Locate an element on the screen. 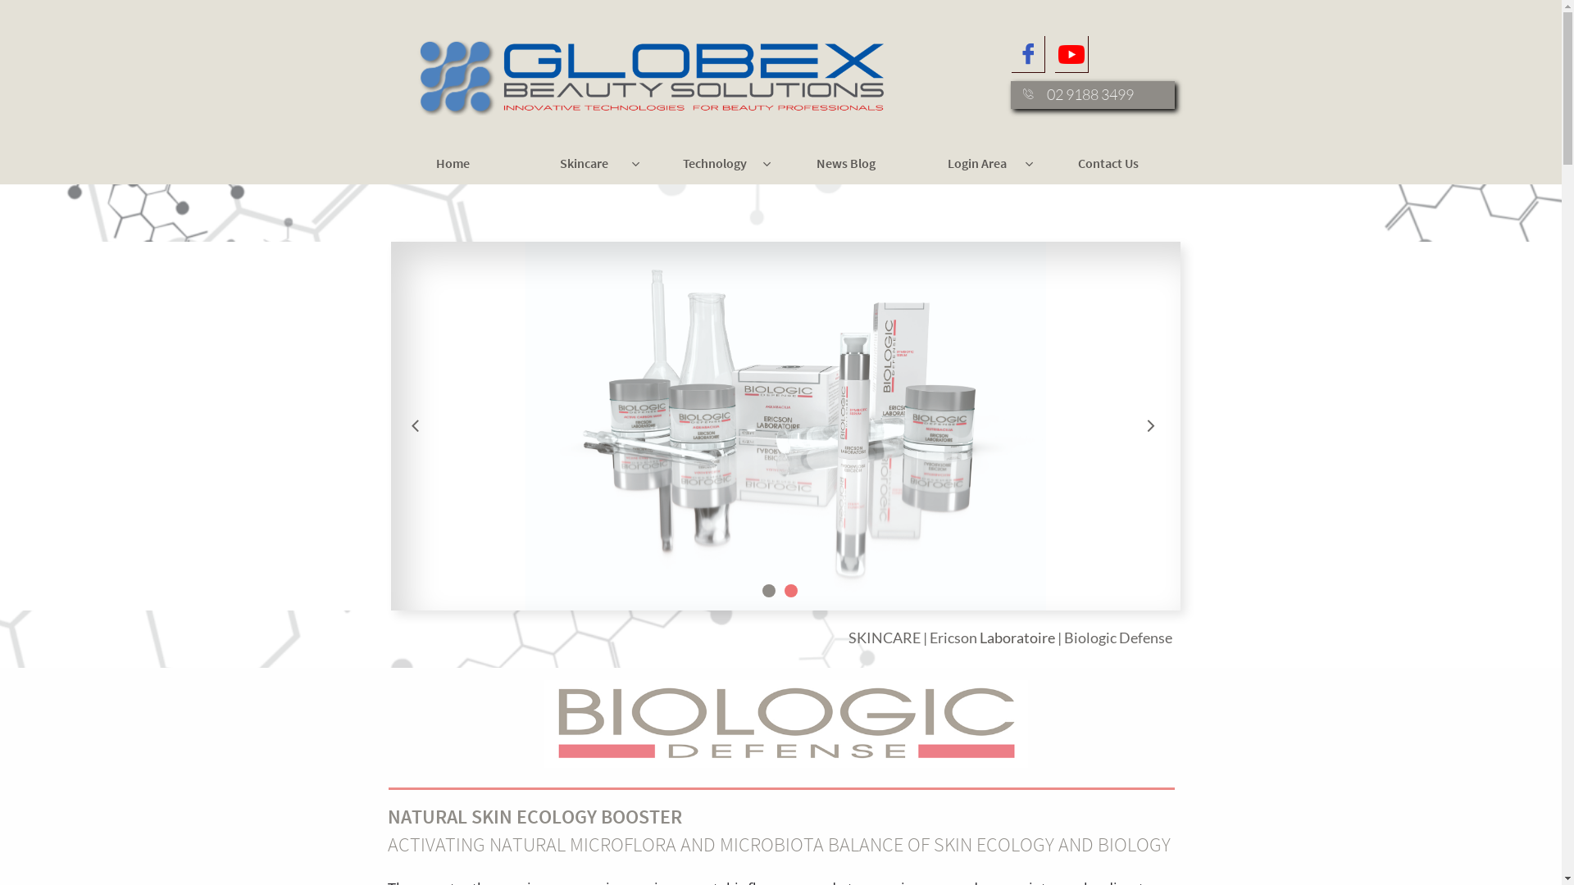  'News Blog' is located at coordinates (781, 164).